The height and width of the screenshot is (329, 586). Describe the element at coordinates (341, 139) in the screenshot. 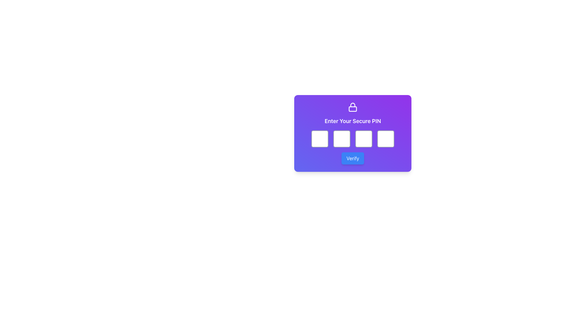

I see `the second password input field, which is a square, white input box with a thin gray border and rounded corners, to set focus on it` at that location.